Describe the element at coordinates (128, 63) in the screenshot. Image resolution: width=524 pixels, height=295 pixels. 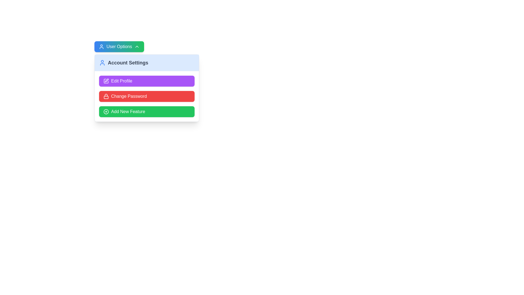
I see `text label indicating 'Account Settings', which is positioned below the 'User Options' button and to the right of a small user icon` at that location.